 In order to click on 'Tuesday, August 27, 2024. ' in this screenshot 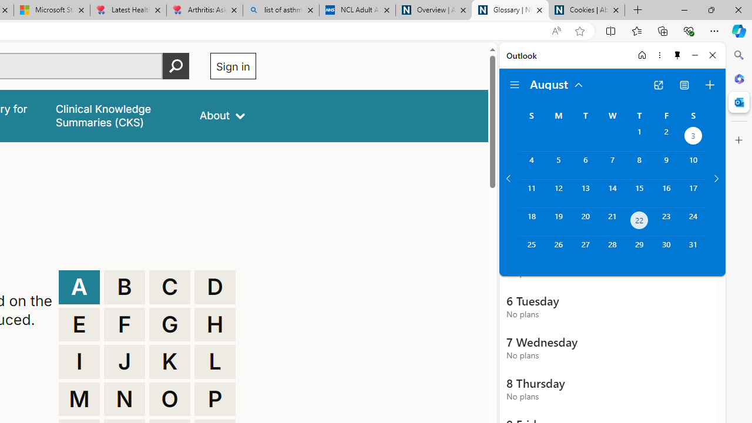, I will do `click(585, 249)`.